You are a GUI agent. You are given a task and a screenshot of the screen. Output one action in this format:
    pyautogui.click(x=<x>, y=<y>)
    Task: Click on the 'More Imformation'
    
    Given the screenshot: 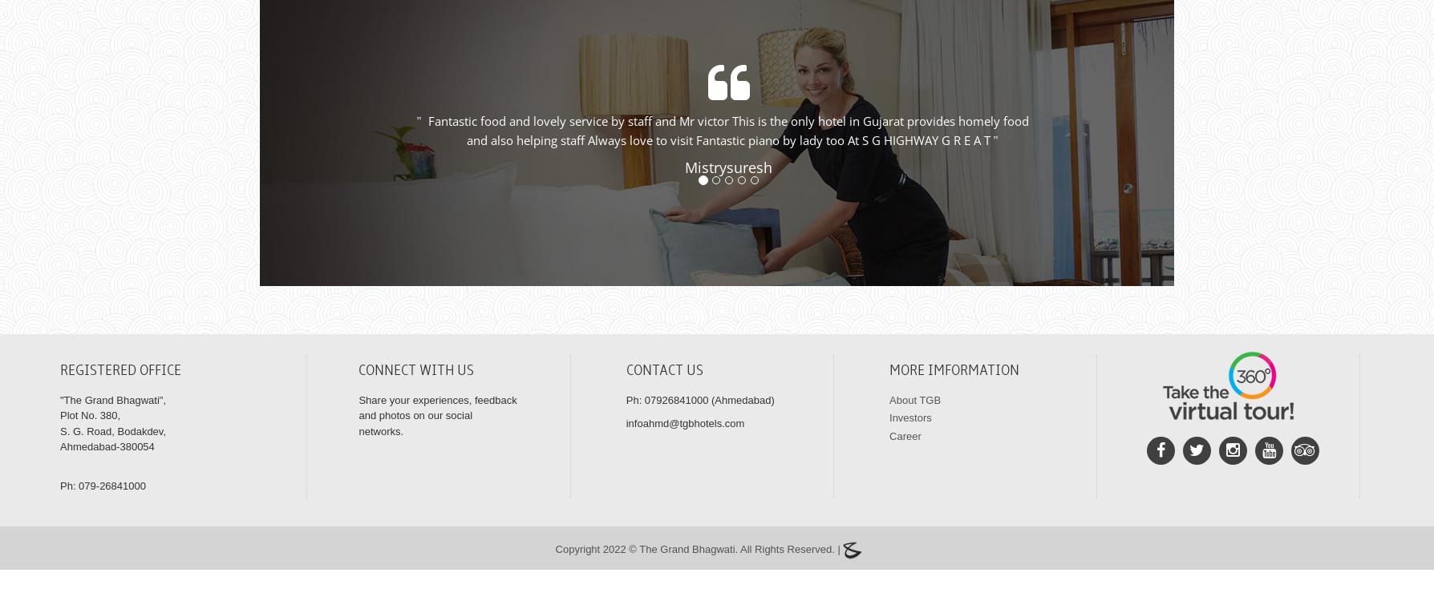 What is the action you would take?
    pyautogui.click(x=953, y=389)
    